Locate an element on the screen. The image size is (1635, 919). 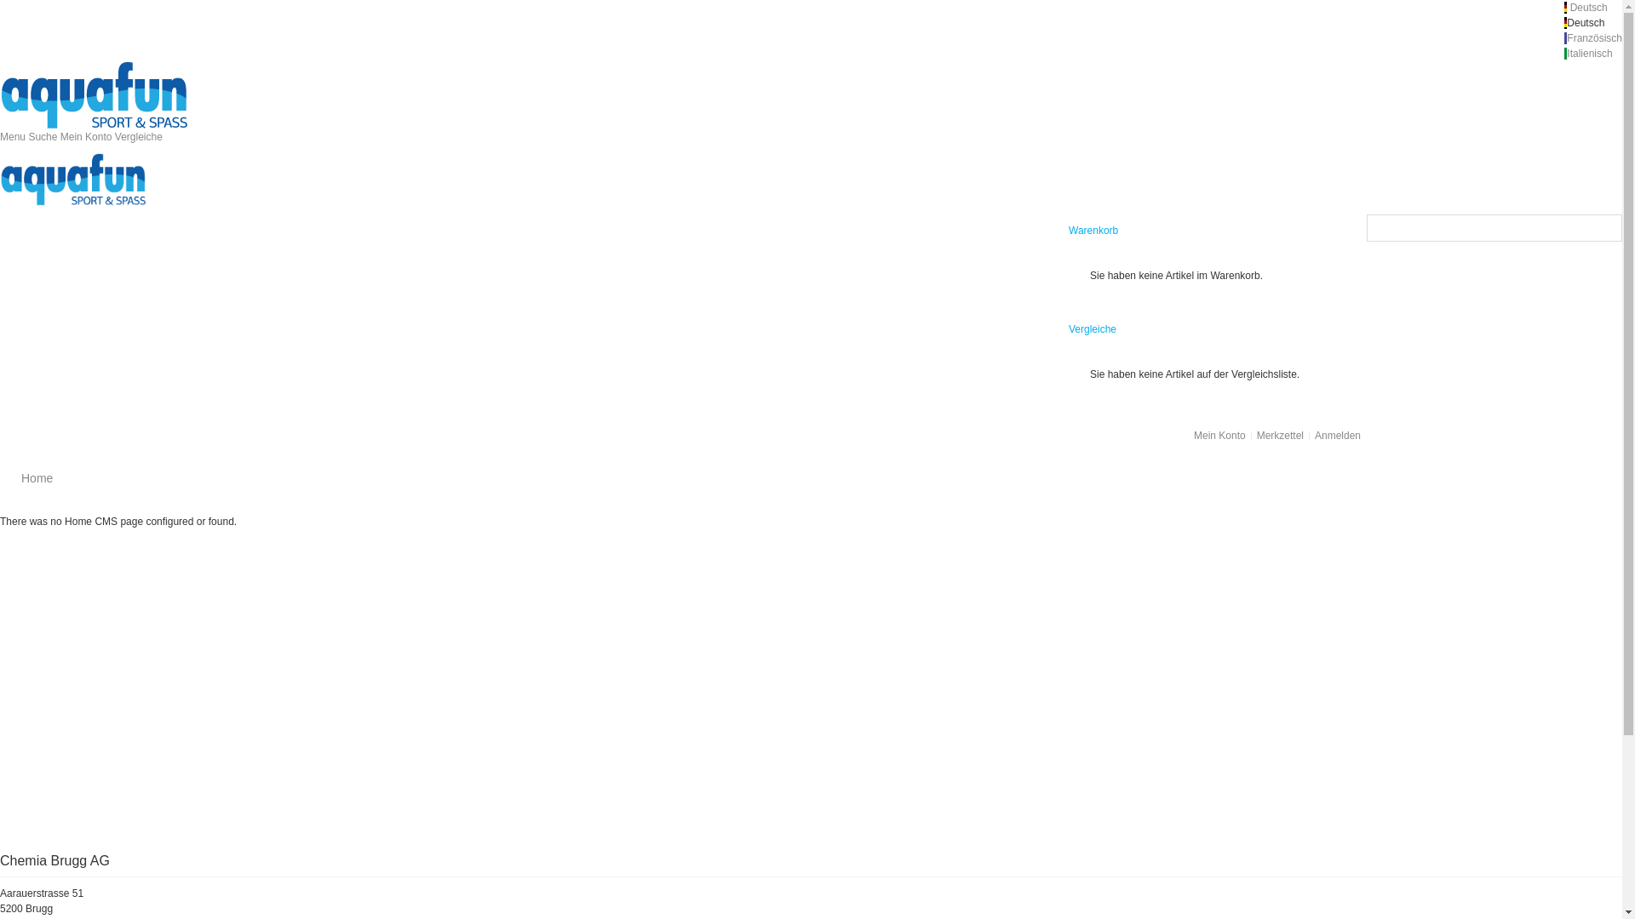
'Suche' is located at coordinates (43, 136).